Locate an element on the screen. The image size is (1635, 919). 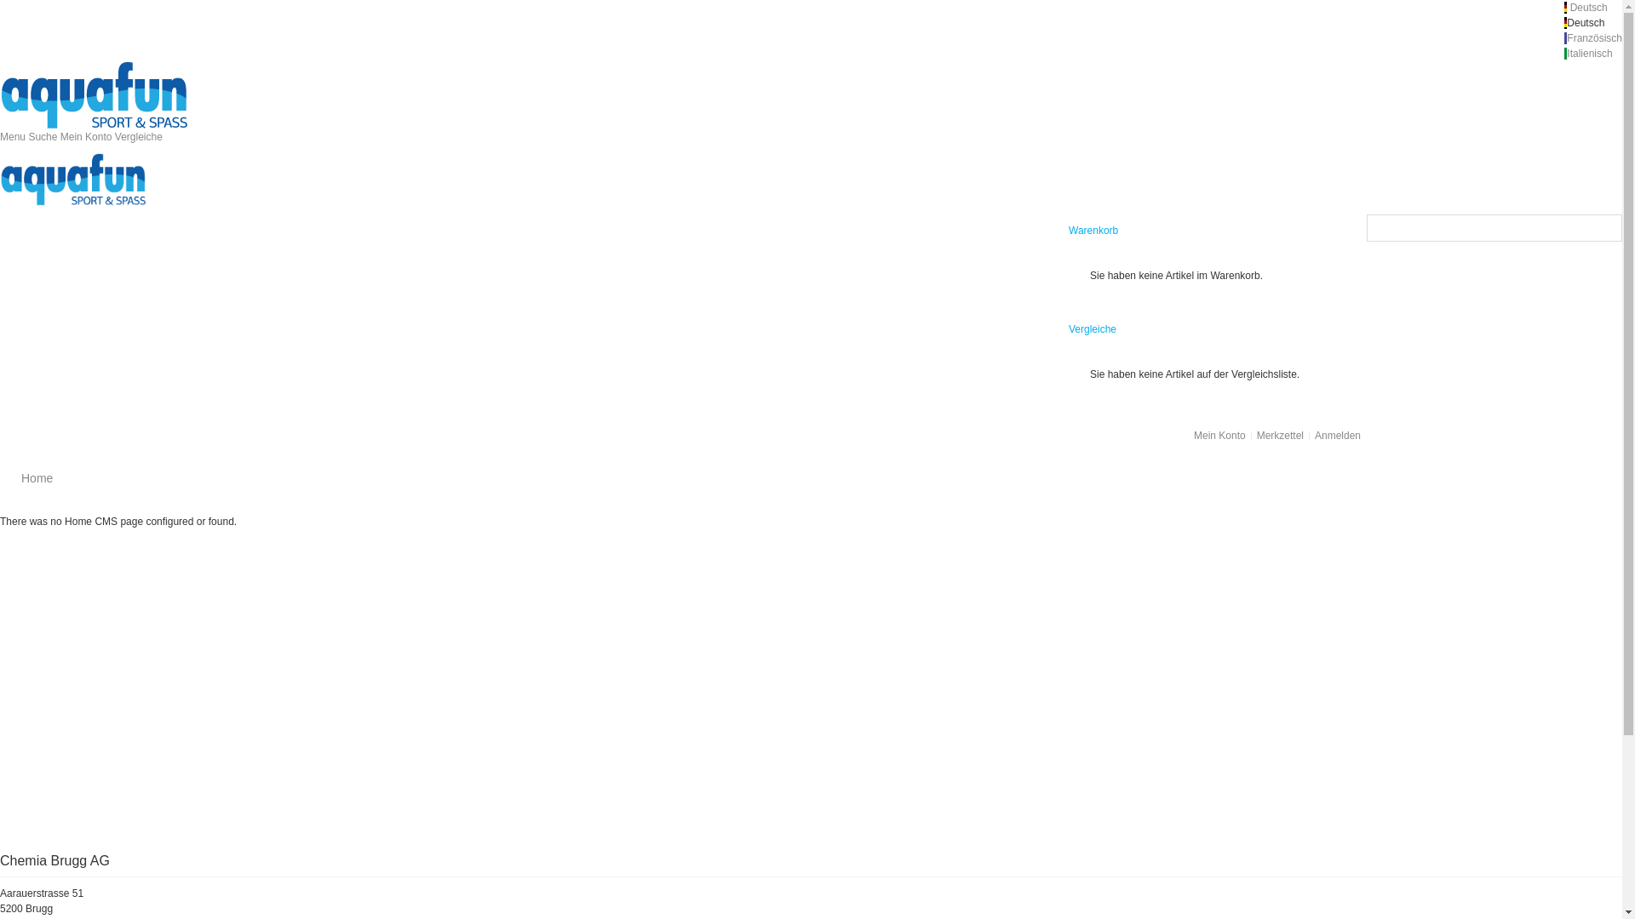
'Suche' is located at coordinates (43, 136).